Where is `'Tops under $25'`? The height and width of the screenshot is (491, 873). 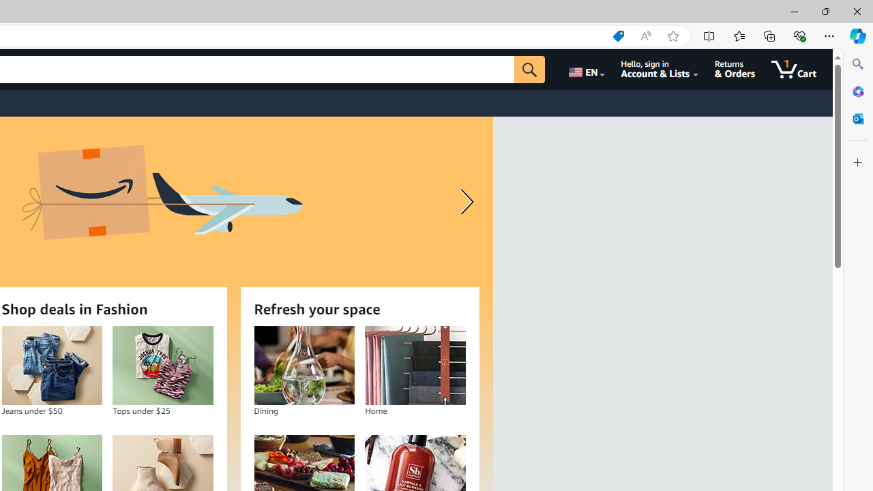 'Tops under $25' is located at coordinates (162, 365).